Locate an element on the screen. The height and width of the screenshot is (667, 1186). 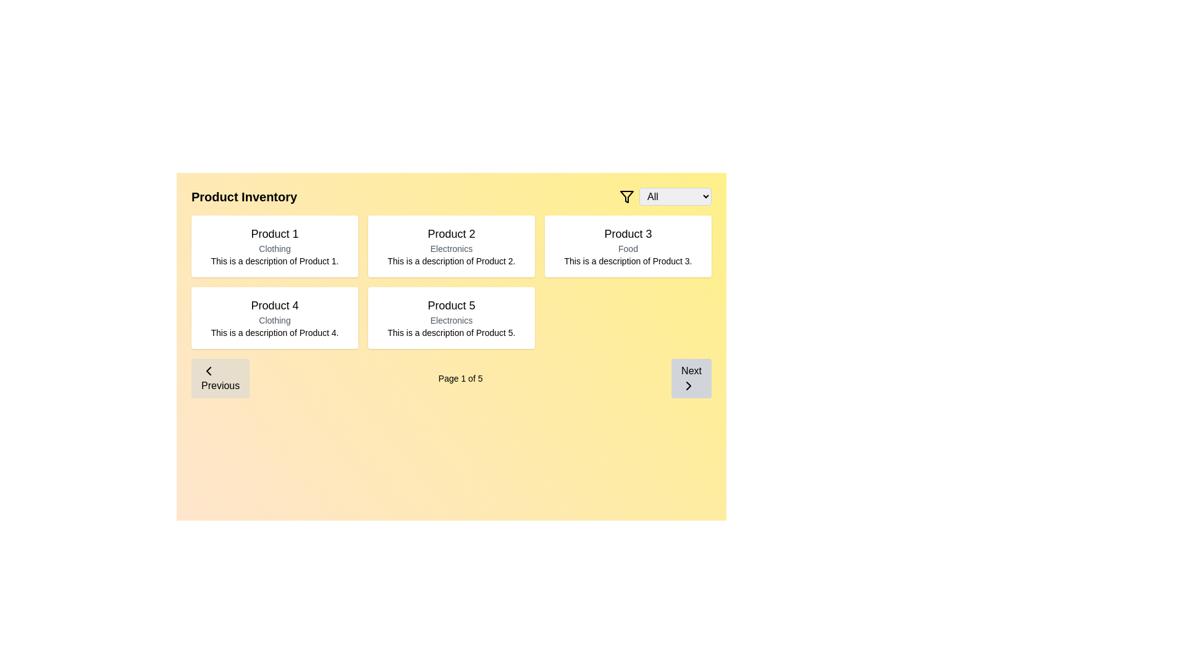
the rectangular button with a gray background and the text 'Next' to invoke hover effects is located at coordinates (691, 378).